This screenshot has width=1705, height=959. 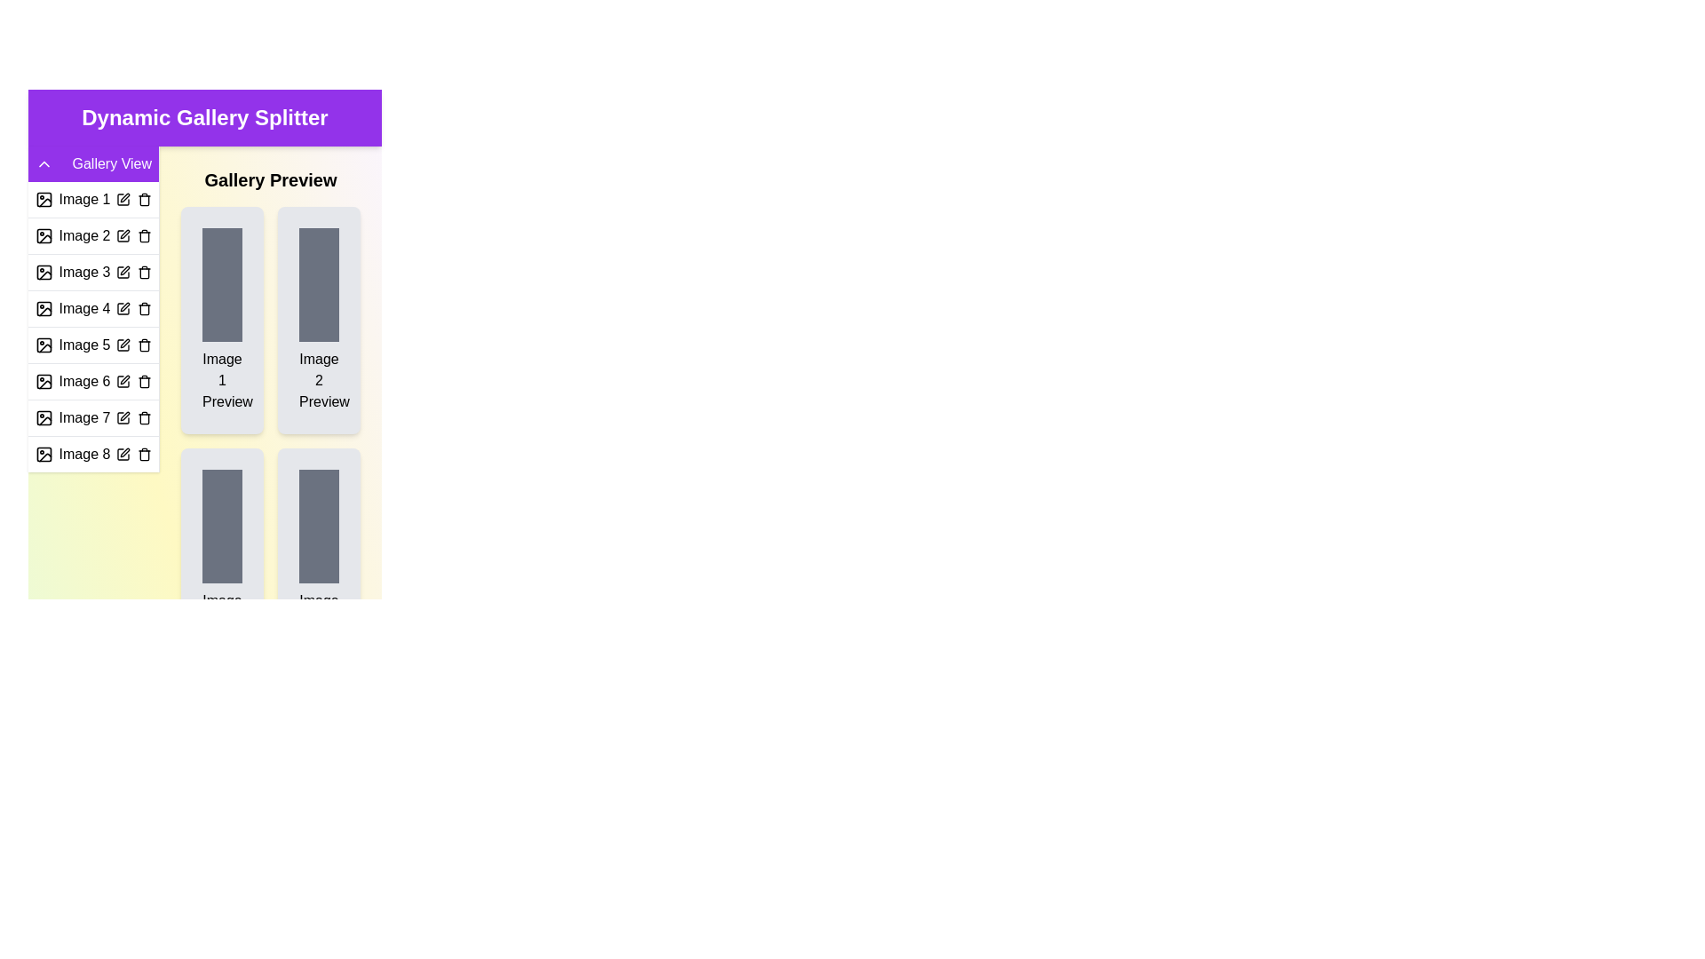 I want to click on the trash can icon button associated with 'Image 5', so click(x=145, y=345).